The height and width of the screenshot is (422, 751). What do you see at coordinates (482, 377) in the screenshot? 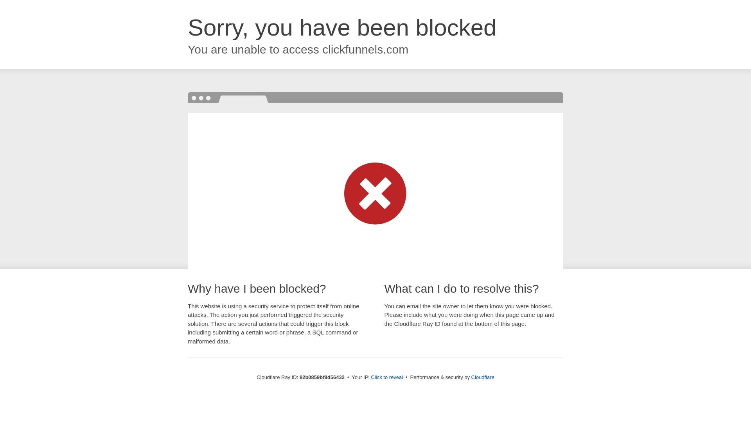
I see `'Cloudflare'` at bounding box center [482, 377].